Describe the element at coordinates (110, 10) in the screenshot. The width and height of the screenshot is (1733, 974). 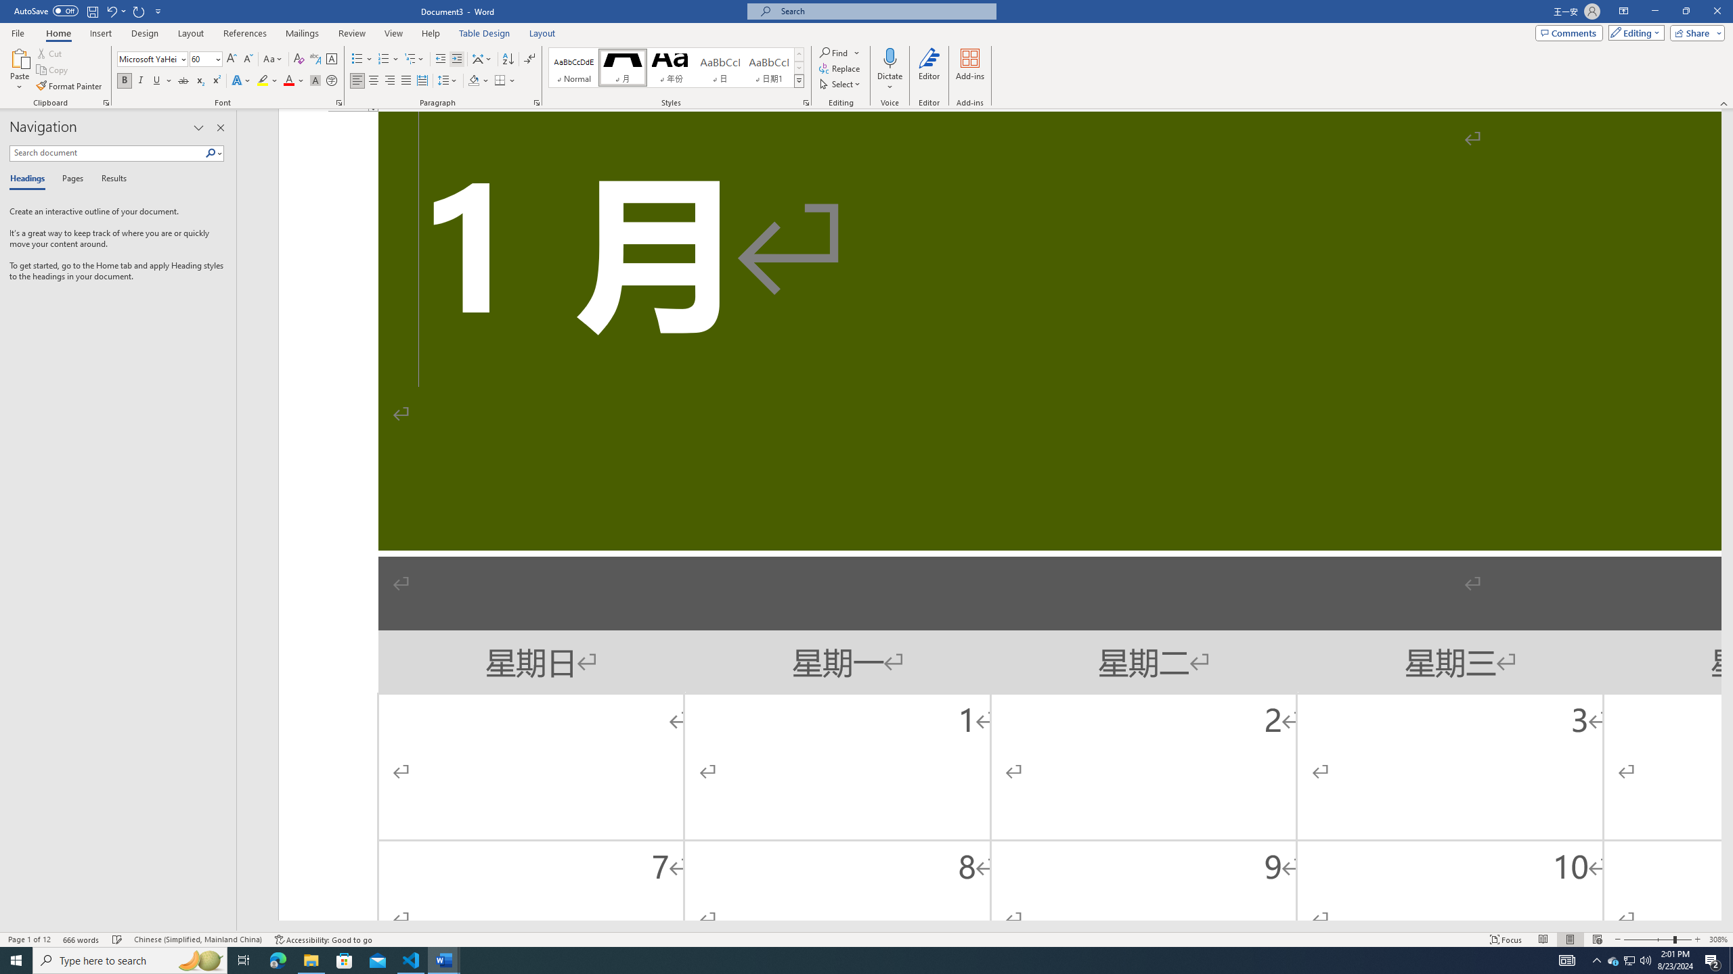
I see `'Undo Increase Indent'` at that location.